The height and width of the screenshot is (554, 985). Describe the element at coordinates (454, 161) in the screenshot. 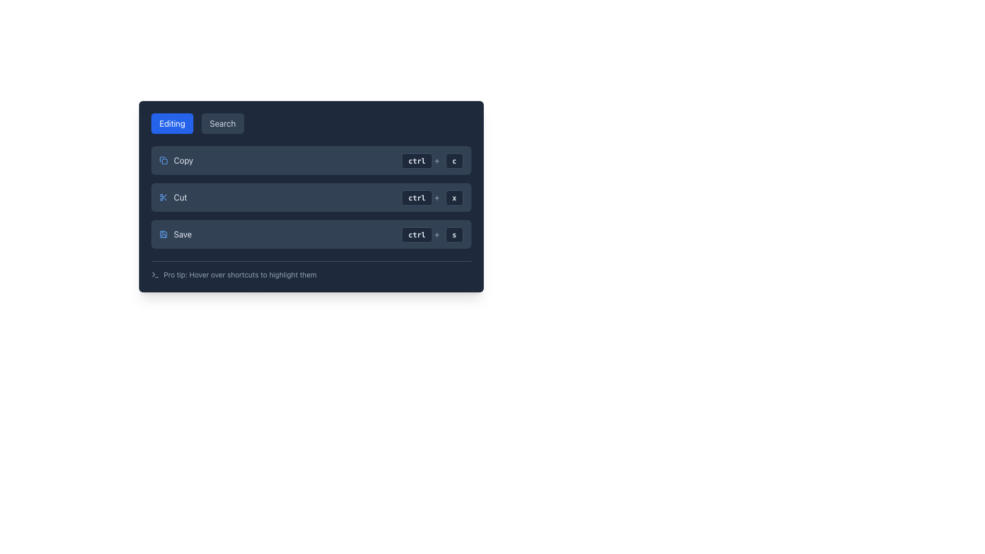

I see `the button representing the shortcut key 'c', located on the rightmost side of the second row in the shortcut key menu` at that location.